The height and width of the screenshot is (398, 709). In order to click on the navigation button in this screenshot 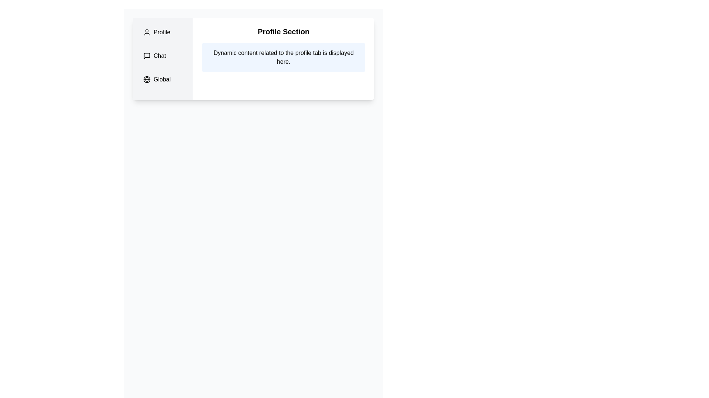, I will do `click(162, 55)`.